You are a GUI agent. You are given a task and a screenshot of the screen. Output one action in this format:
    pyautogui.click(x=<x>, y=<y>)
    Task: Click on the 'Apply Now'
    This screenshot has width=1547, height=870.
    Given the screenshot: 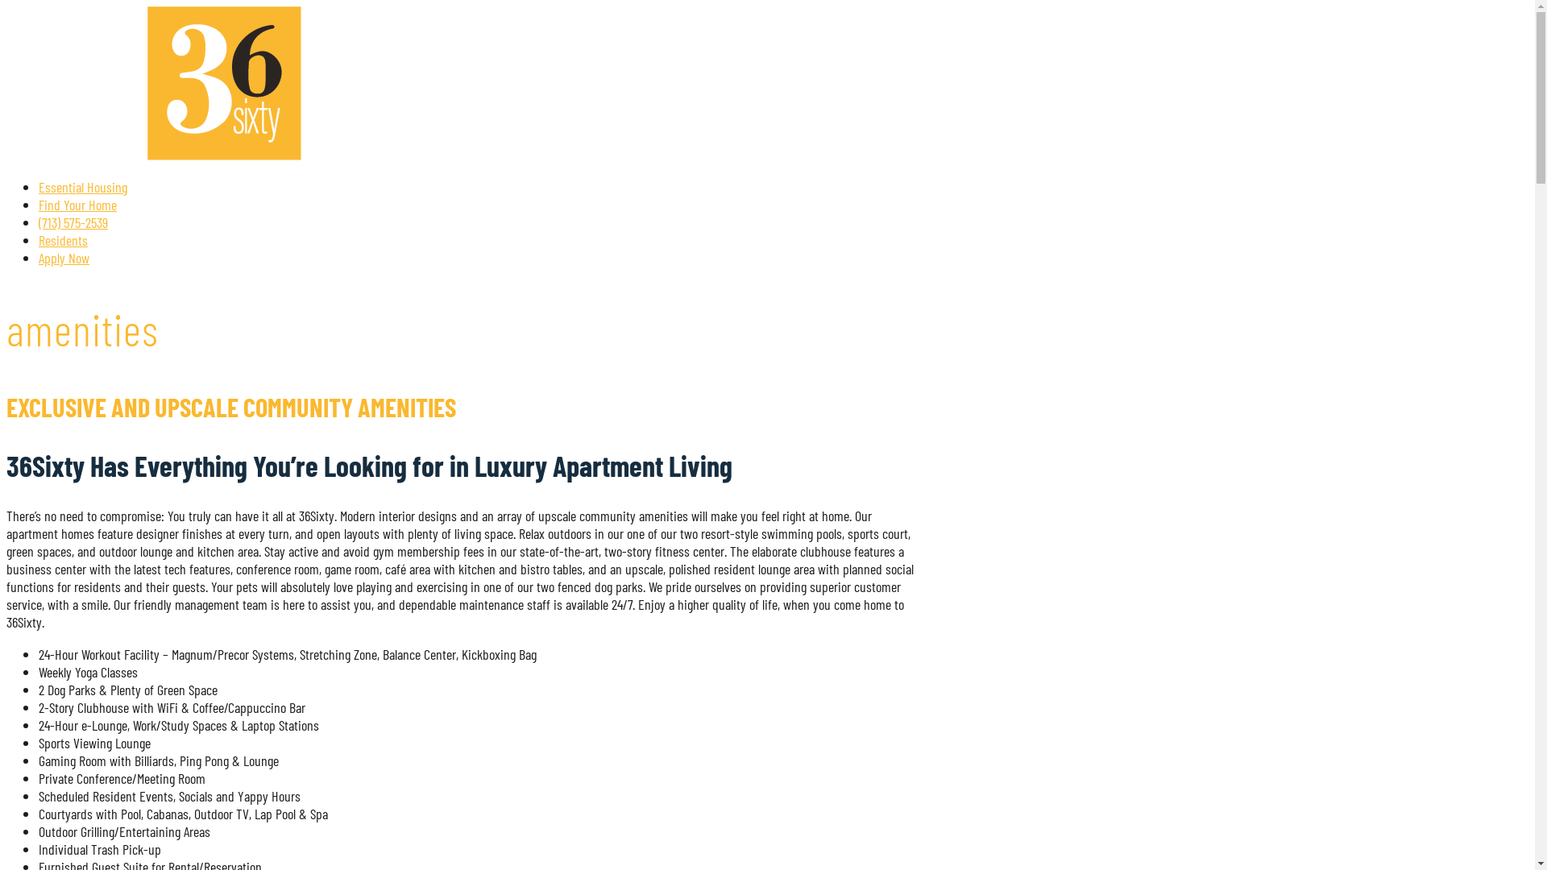 What is the action you would take?
    pyautogui.click(x=64, y=257)
    